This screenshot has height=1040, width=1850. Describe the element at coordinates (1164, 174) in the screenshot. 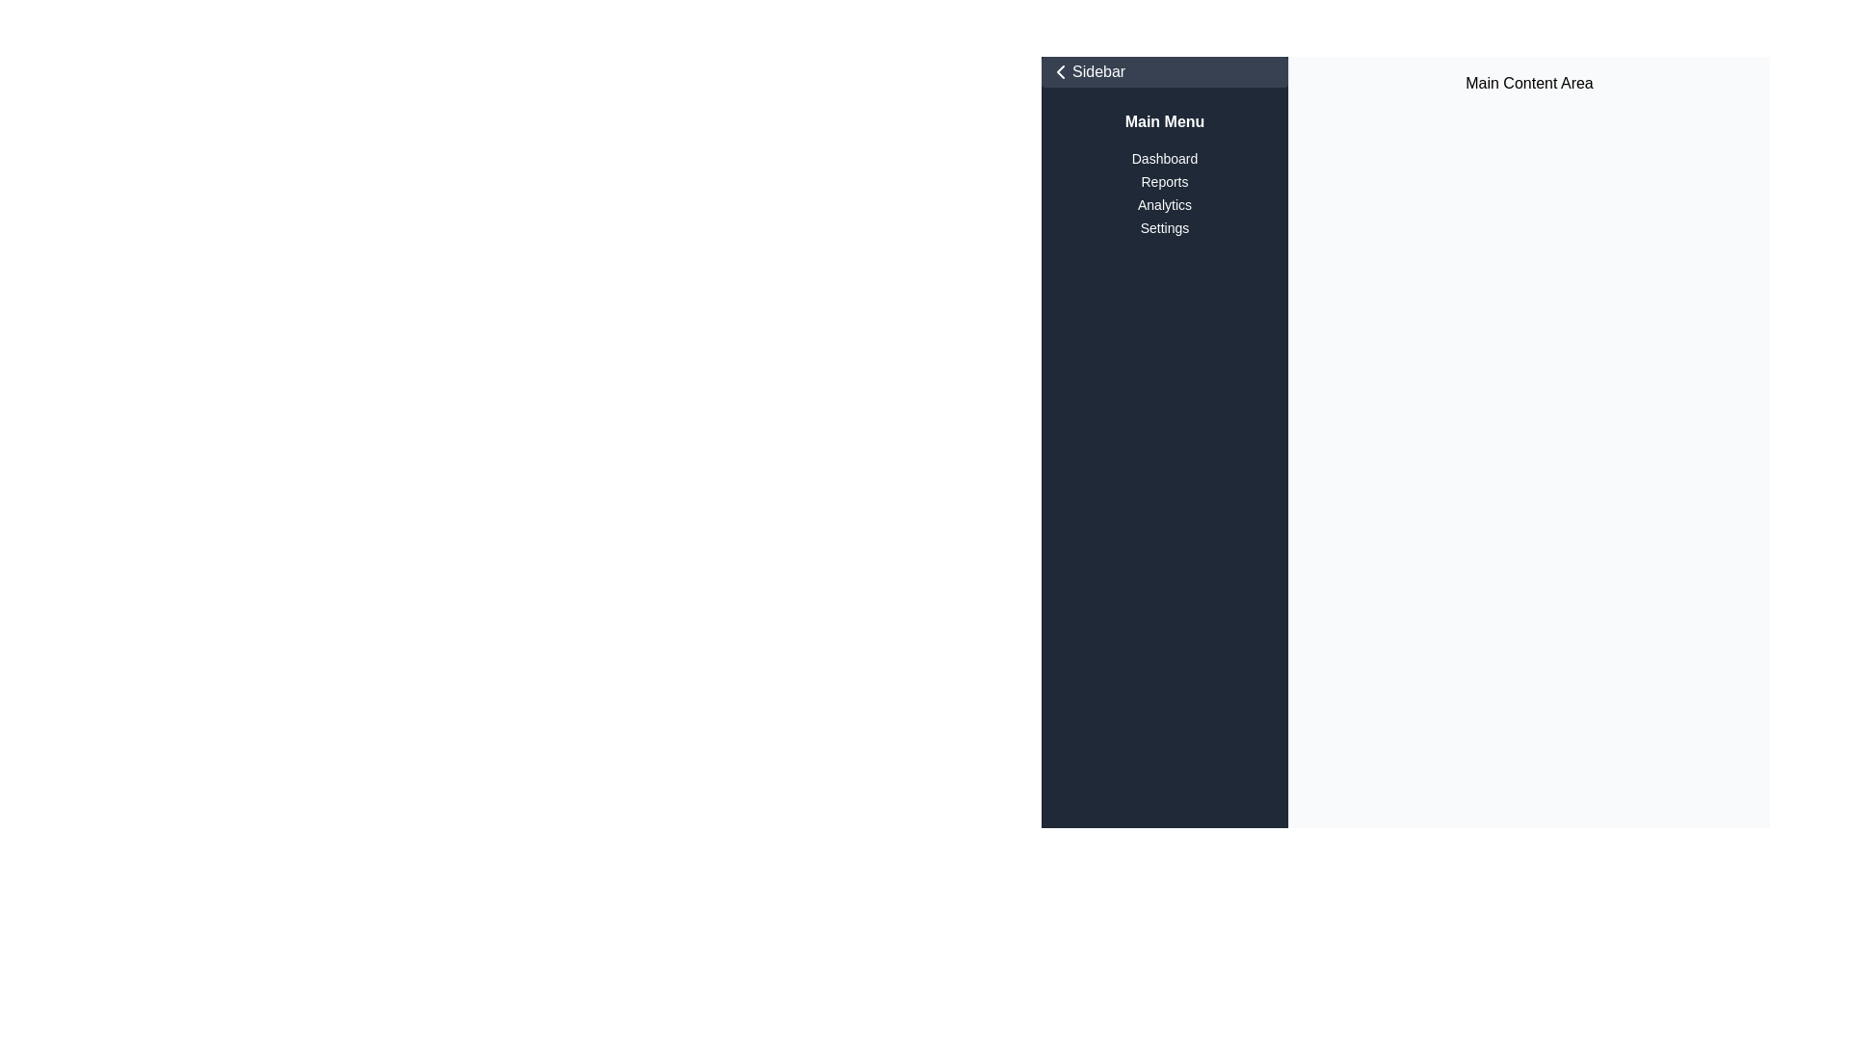

I see `the 'Main Menu' vertical navigation menu` at that location.